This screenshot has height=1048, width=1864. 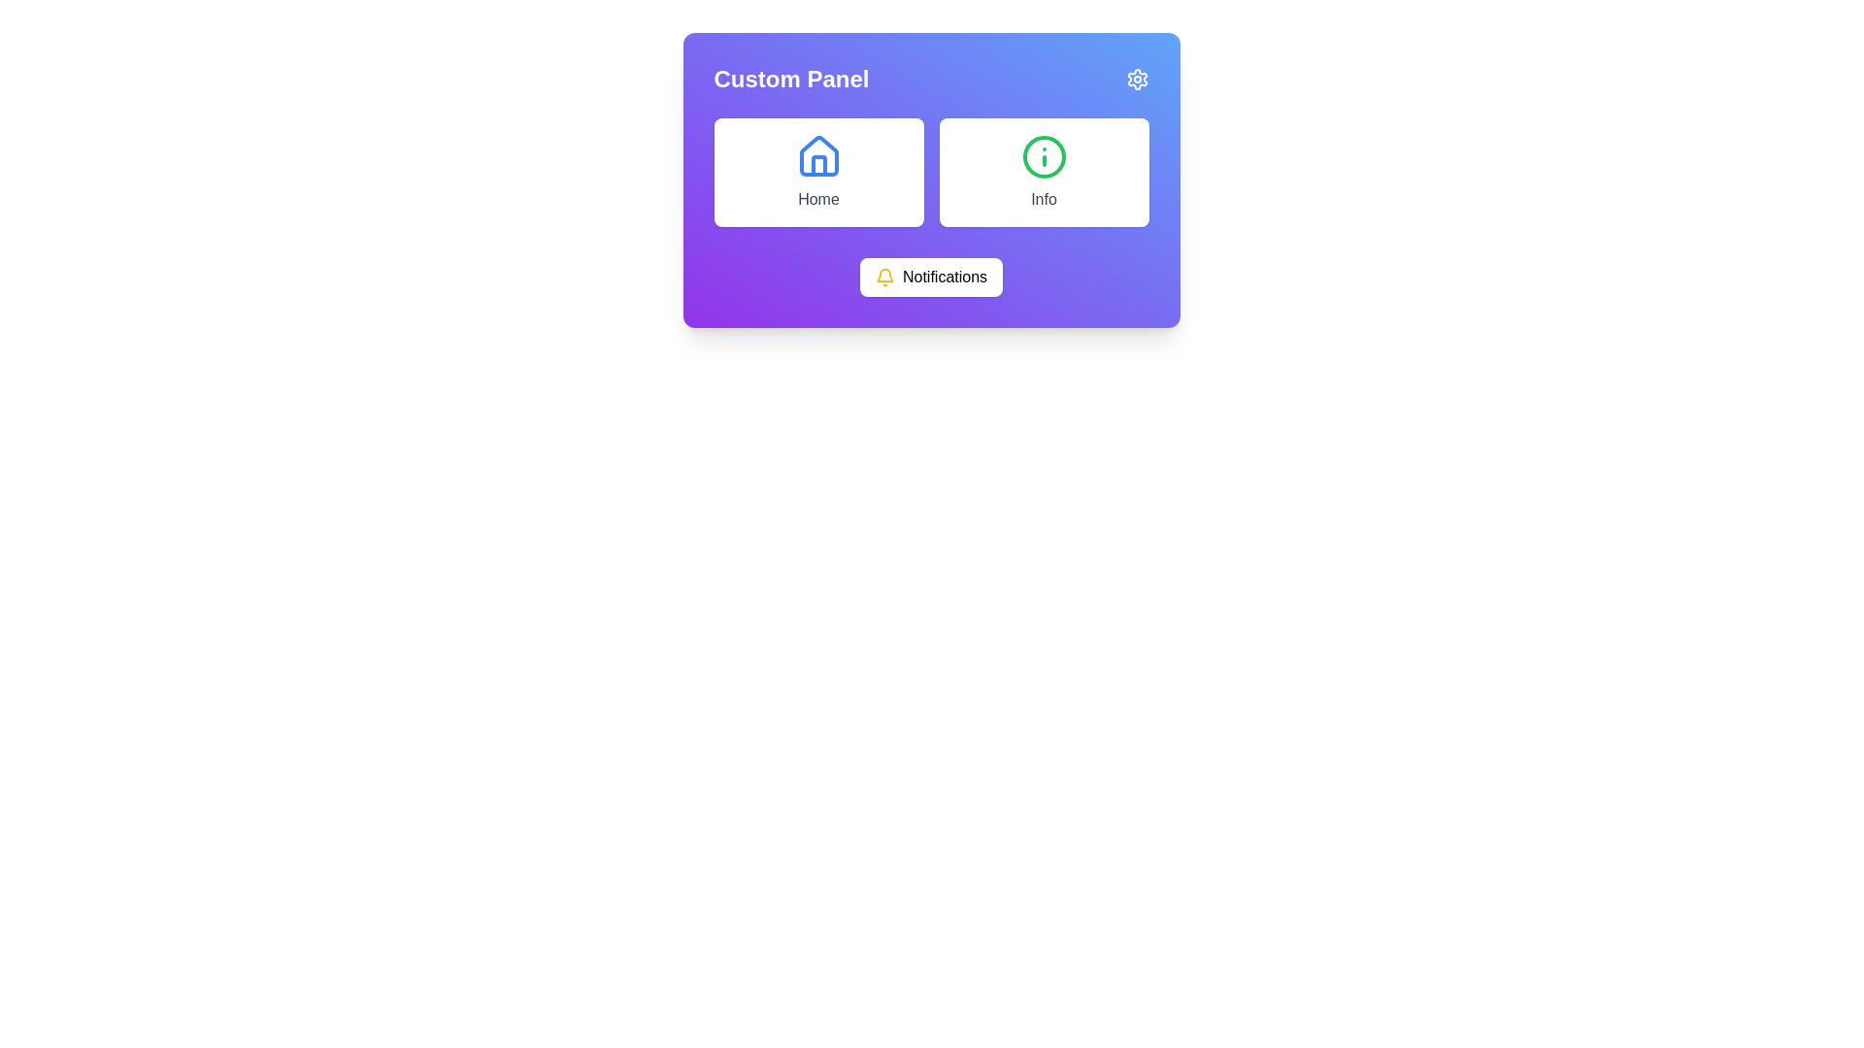 What do you see at coordinates (930, 277) in the screenshot?
I see `the button located at the bottom of the 'Custom Panel'` at bounding box center [930, 277].